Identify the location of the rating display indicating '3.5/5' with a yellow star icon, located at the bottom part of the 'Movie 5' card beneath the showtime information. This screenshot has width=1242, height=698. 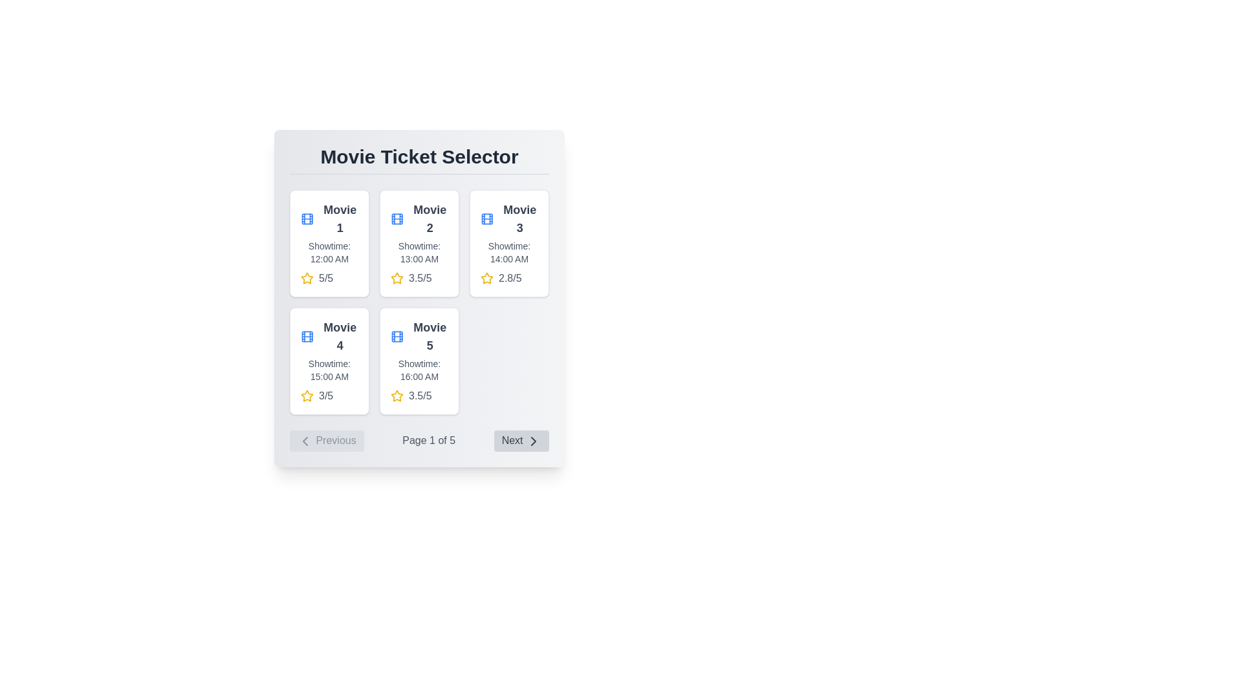
(419, 396).